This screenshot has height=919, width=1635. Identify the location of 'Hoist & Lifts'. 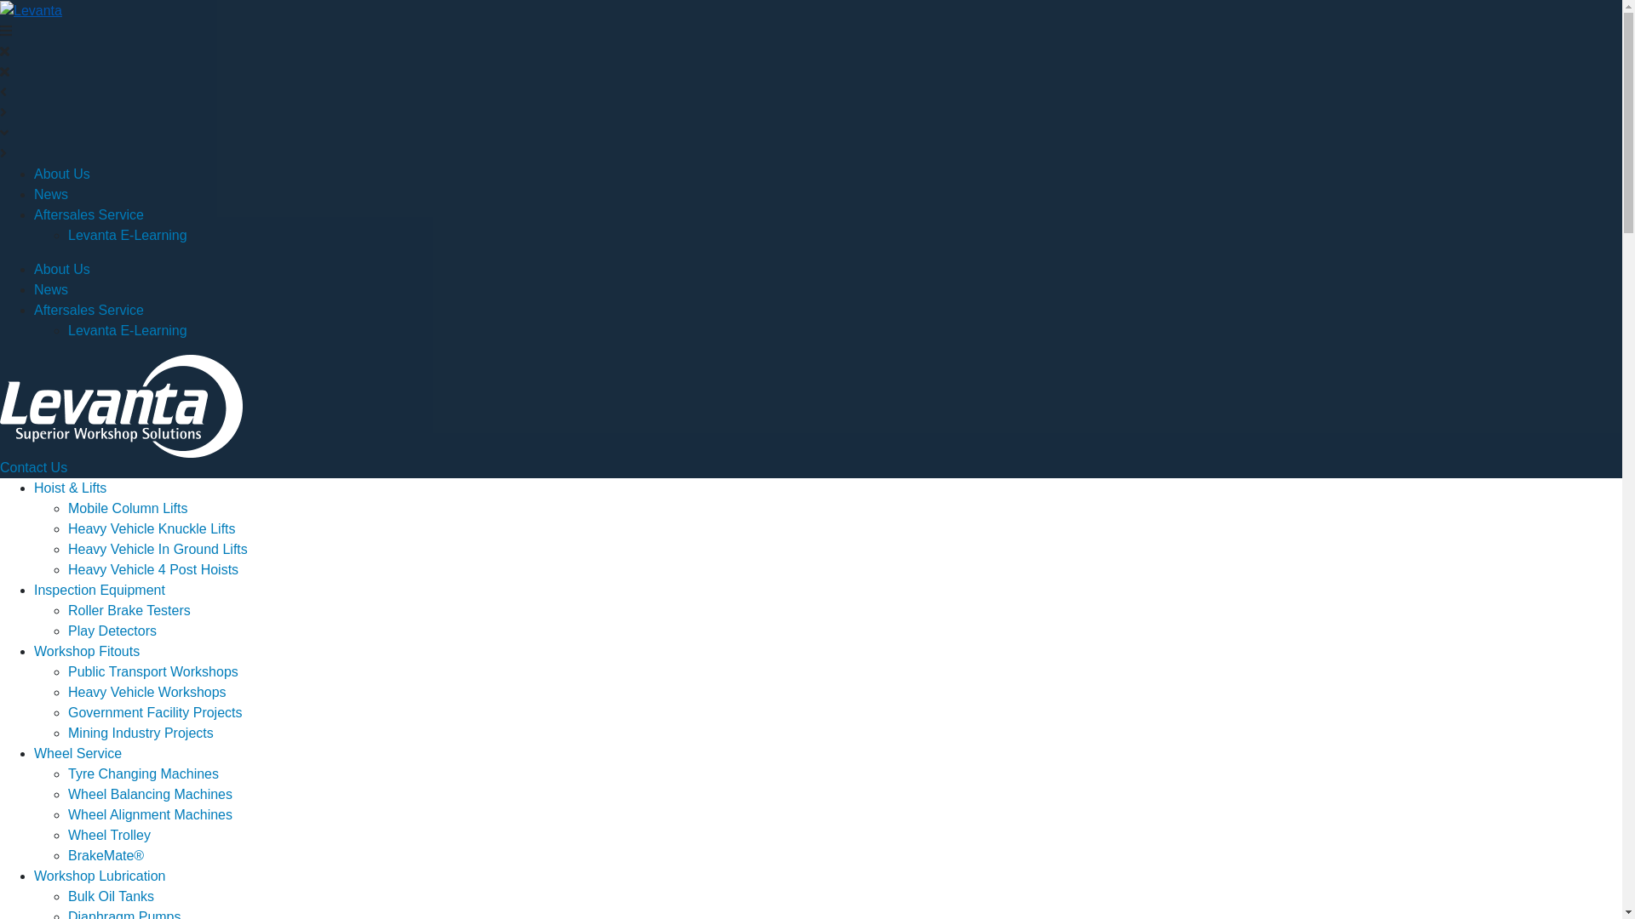
(69, 488).